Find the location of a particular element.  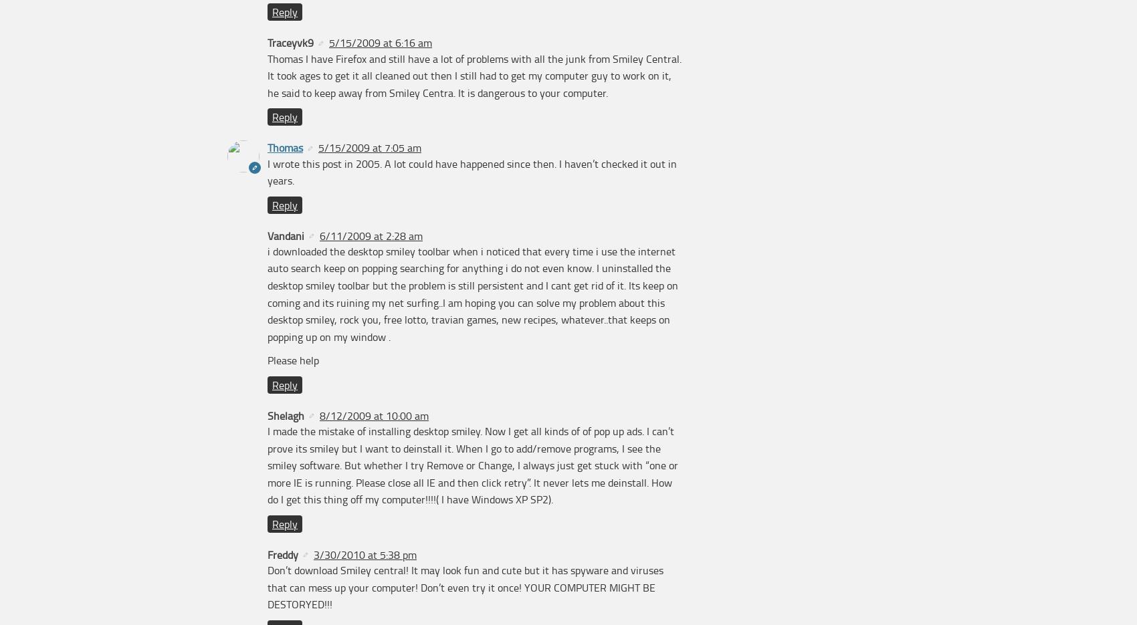

'Freddy' is located at coordinates (267, 554).